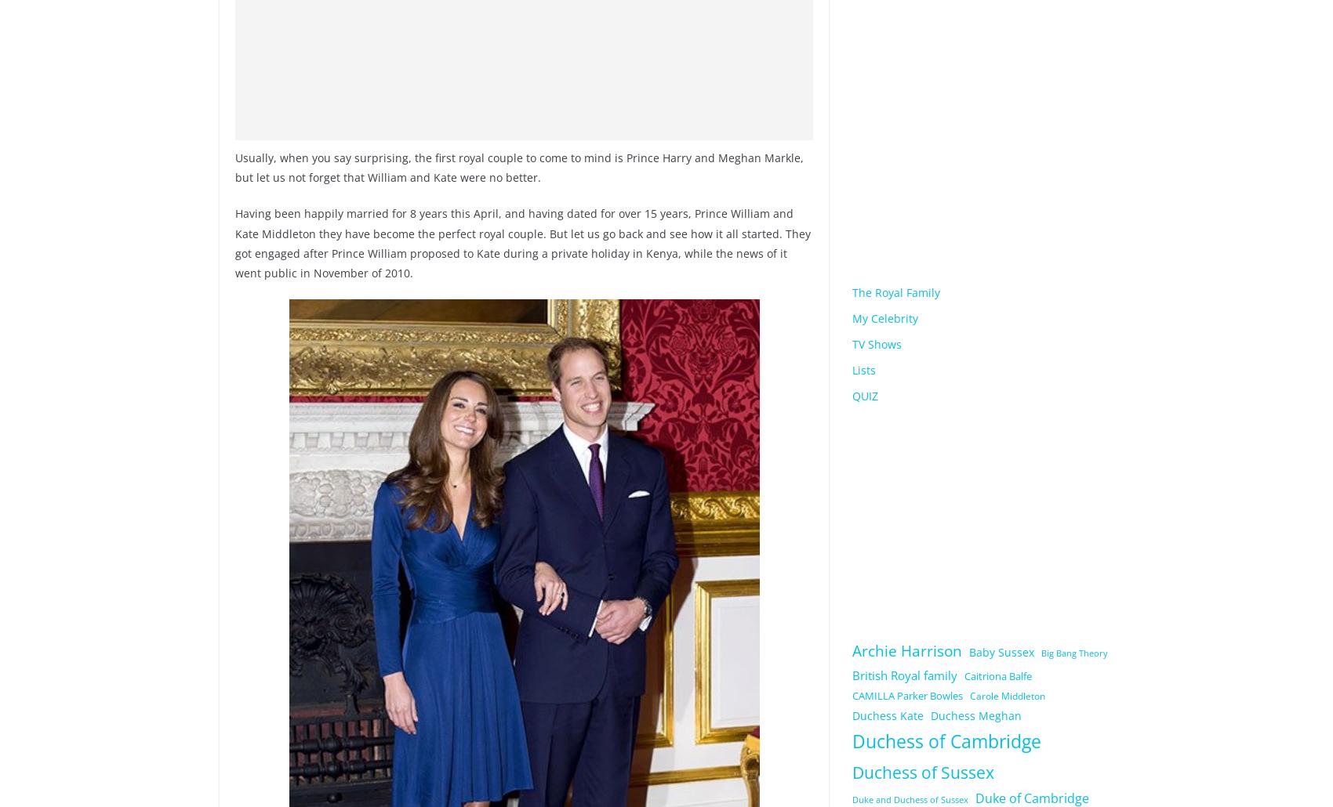 The height and width of the screenshot is (807, 1333). Describe the element at coordinates (1074, 651) in the screenshot. I see `'Big Bang Theory'` at that location.